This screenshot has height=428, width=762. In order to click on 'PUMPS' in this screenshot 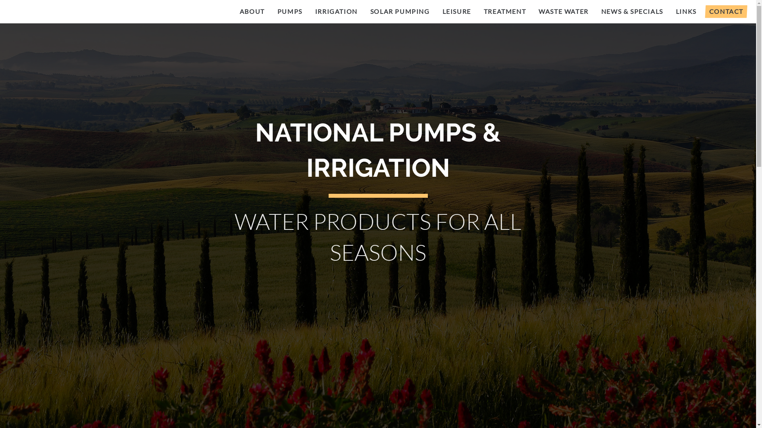, I will do `click(271, 11)`.